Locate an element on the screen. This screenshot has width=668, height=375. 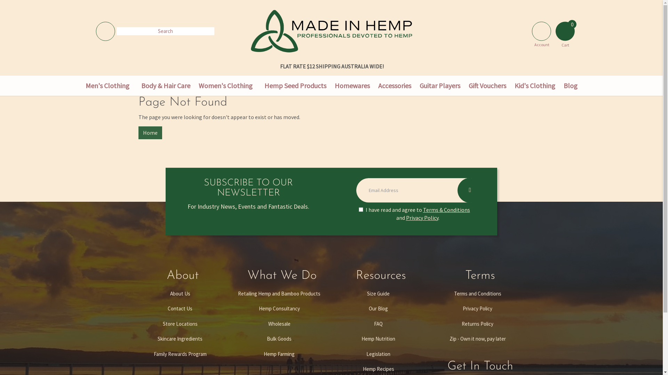
'0 is located at coordinates (565, 31).